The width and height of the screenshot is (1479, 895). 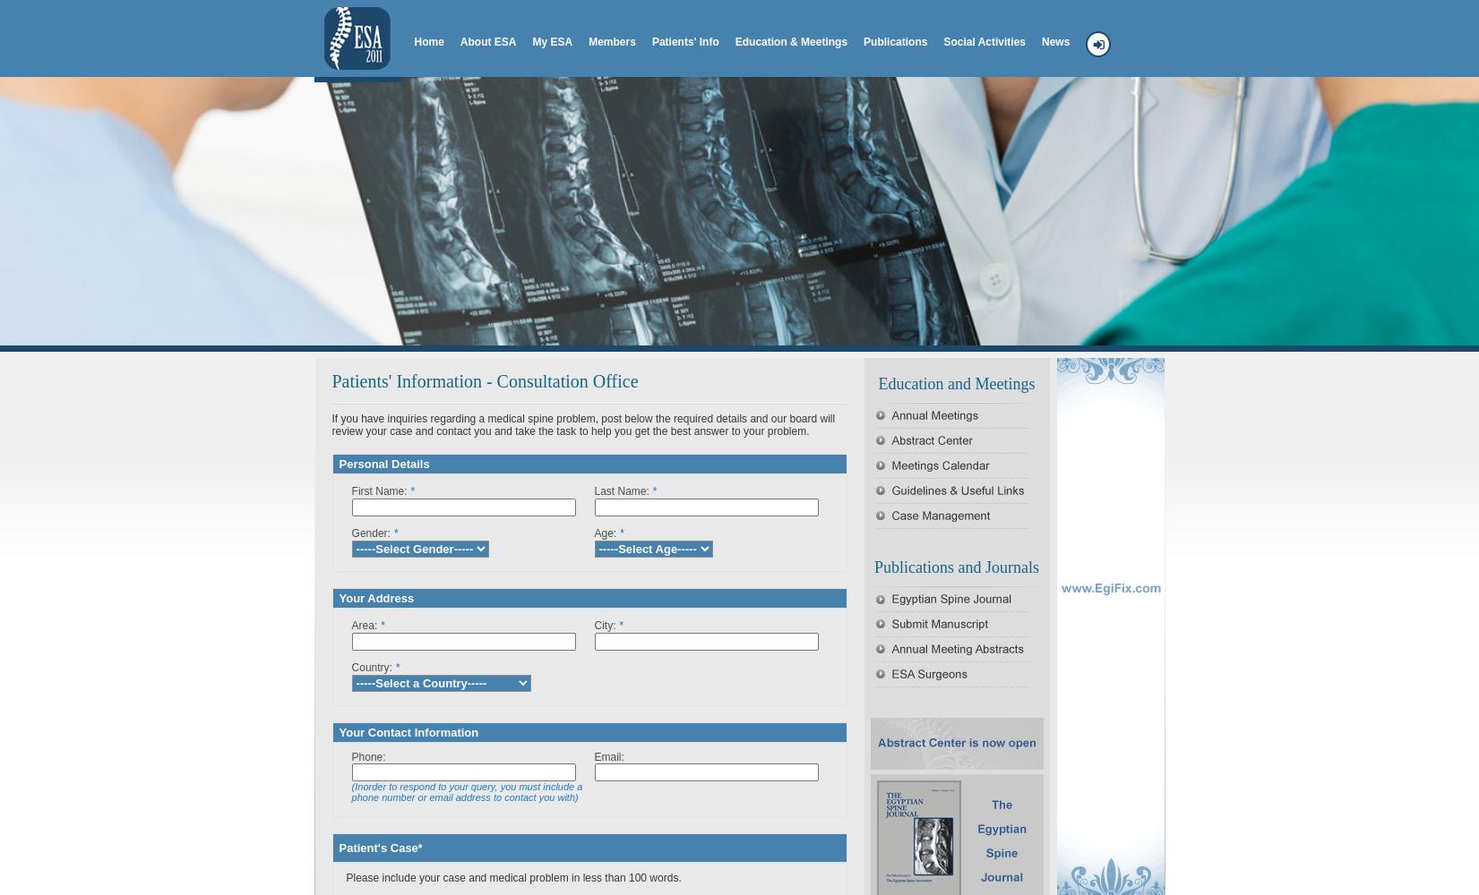 What do you see at coordinates (594, 756) in the screenshot?
I see `'Email:'` at bounding box center [594, 756].